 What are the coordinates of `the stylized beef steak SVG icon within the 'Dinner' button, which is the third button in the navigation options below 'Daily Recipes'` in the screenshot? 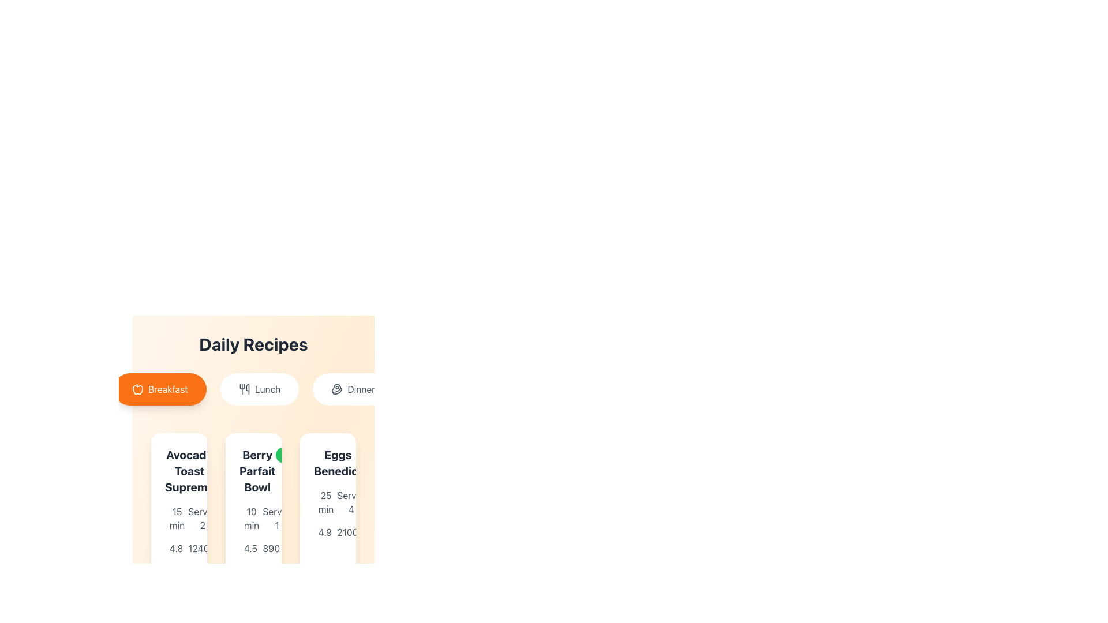 It's located at (336, 389).